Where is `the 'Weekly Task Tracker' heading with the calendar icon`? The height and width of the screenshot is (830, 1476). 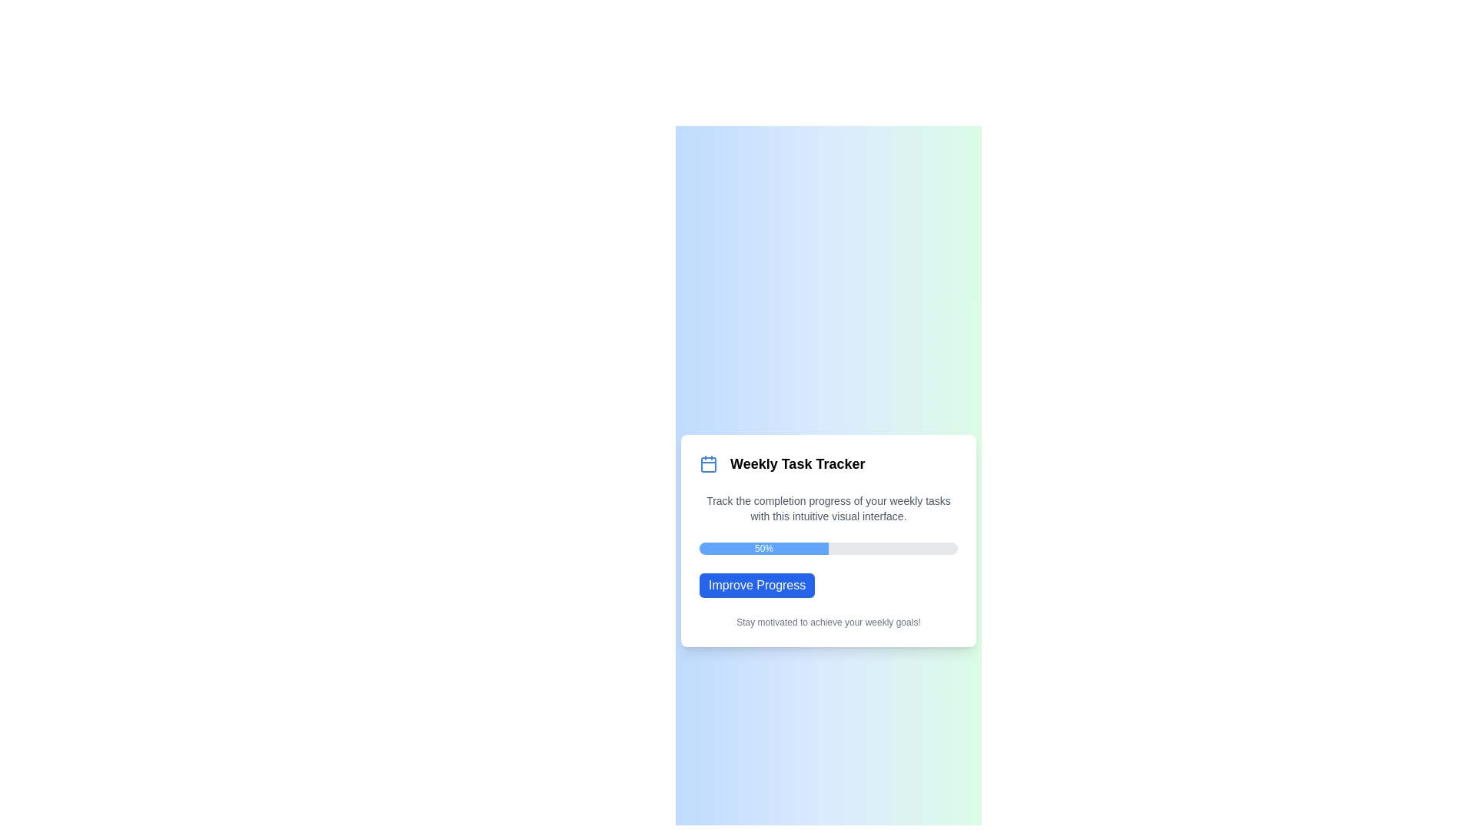
the 'Weekly Task Tracker' heading with the calendar icon is located at coordinates (828, 463).